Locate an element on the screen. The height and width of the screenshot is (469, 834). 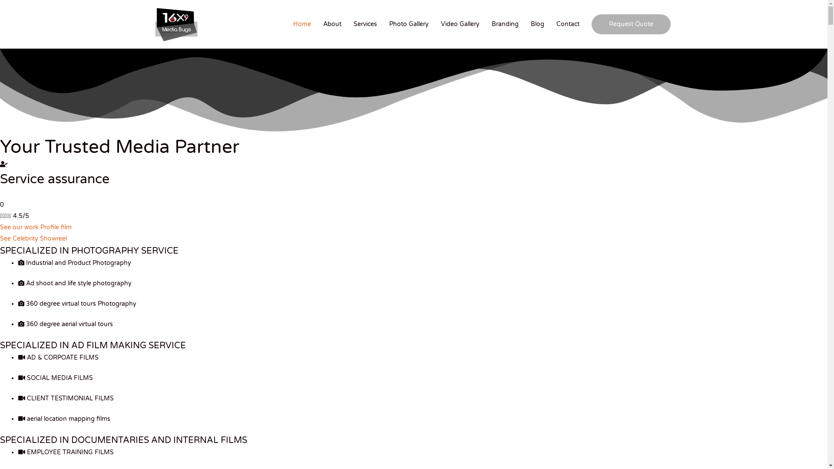
'Photo Gallery' is located at coordinates (408, 24).